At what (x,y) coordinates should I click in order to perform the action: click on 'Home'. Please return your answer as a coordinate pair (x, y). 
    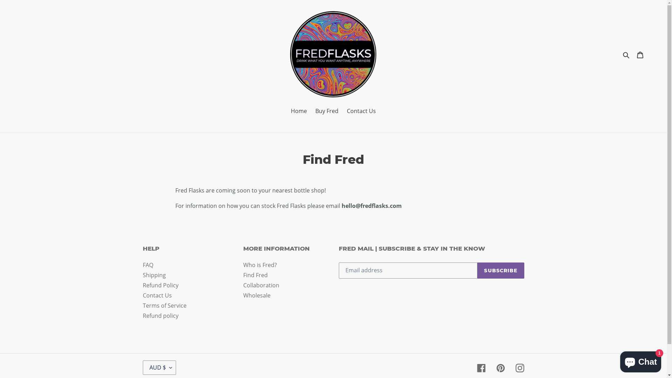
    Looking at the image, I should click on (299, 111).